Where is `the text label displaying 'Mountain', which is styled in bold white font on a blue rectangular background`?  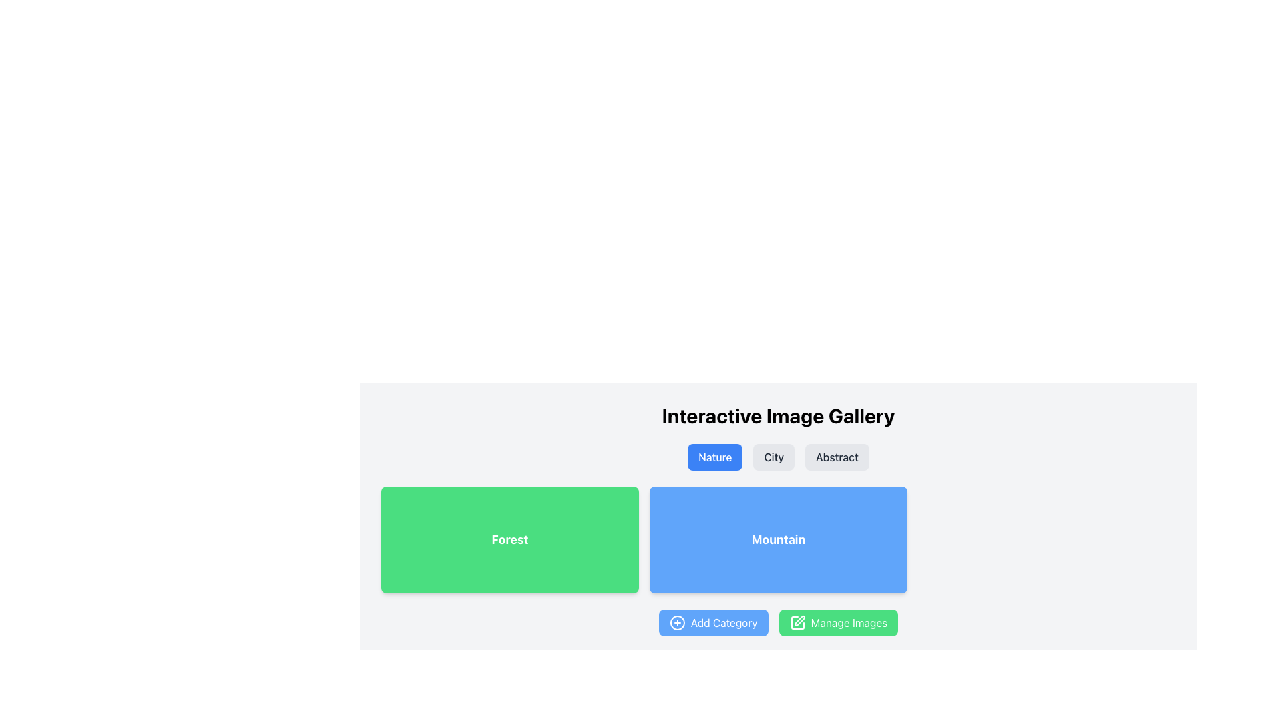
the text label displaying 'Mountain', which is styled in bold white font on a blue rectangular background is located at coordinates (779, 539).